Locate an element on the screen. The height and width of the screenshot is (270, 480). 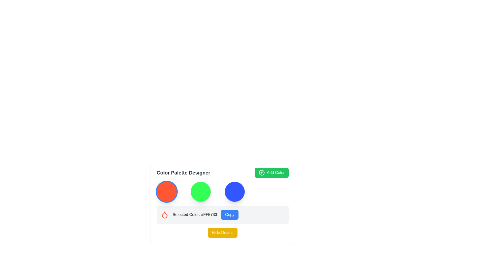
the circular green icon with a white plus sign located inside the 'Add Color' button, positioned at the top-right corner of the interface is located at coordinates (261, 172).